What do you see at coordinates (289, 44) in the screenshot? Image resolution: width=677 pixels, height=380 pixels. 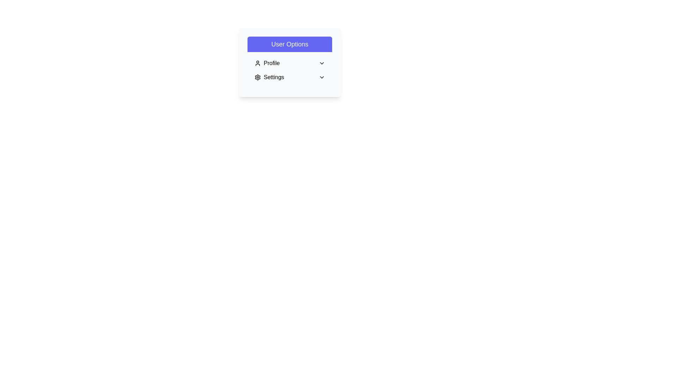 I see `the 'User Options' button located at the top of the card-like structure with a blue background and white text` at bounding box center [289, 44].